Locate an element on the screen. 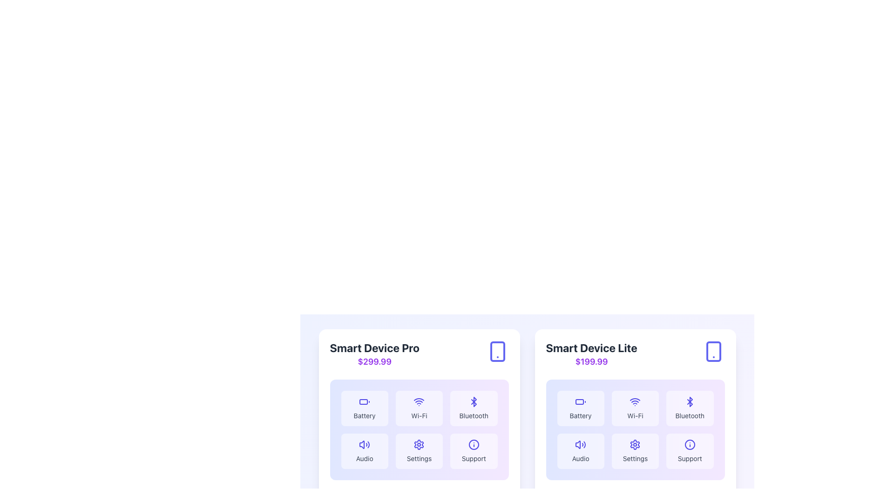 The height and width of the screenshot is (503, 894). the static text label 'Support' located at the bottom of the 'Smart Device Lite' card in the lower right corner of the interface is located at coordinates (690, 458).